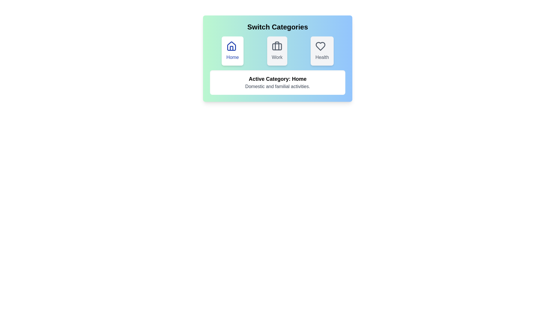  What do you see at coordinates (322, 50) in the screenshot?
I see `the button with the label Health` at bounding box center [322, 50].